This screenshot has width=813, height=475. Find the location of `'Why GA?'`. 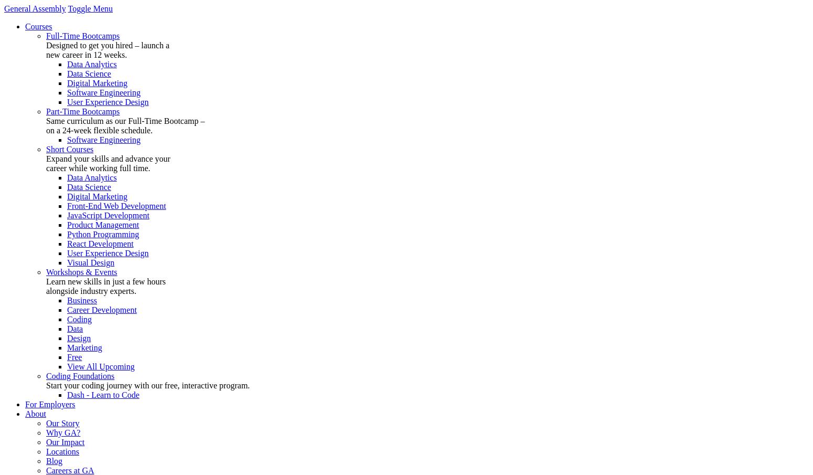

'Why GA?' is located at coordinates (63, 432).